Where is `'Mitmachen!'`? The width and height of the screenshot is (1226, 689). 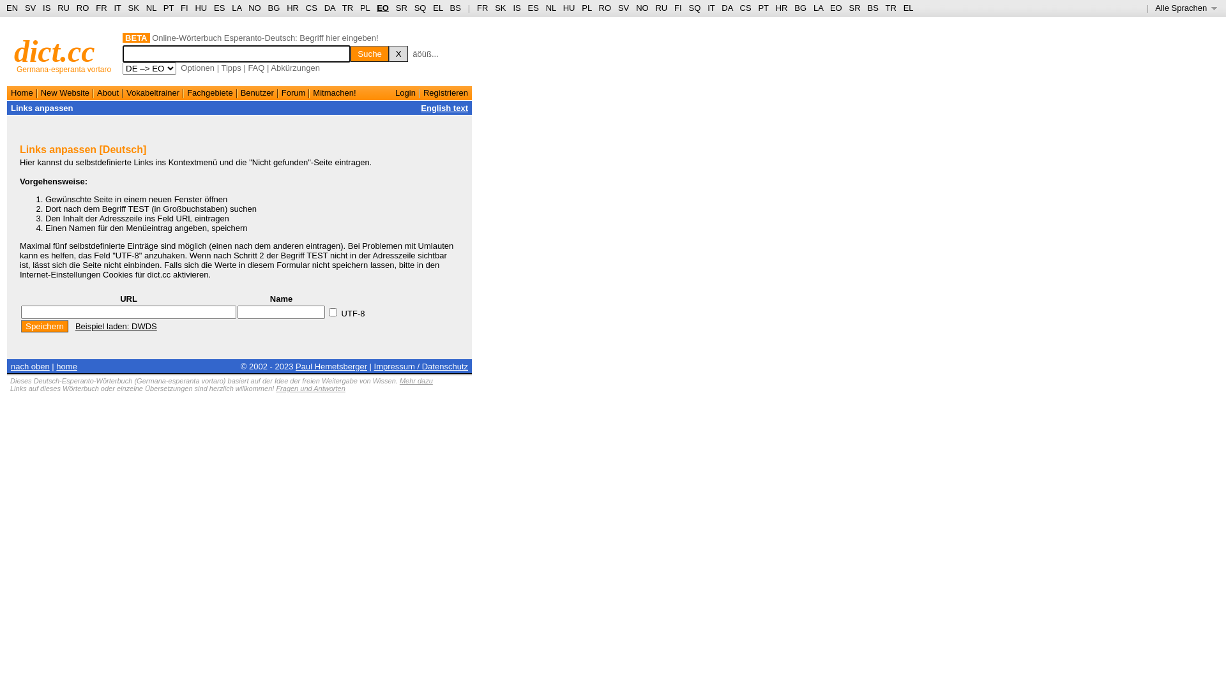 'Mitmachen!' is located at coordinates (334, 92).